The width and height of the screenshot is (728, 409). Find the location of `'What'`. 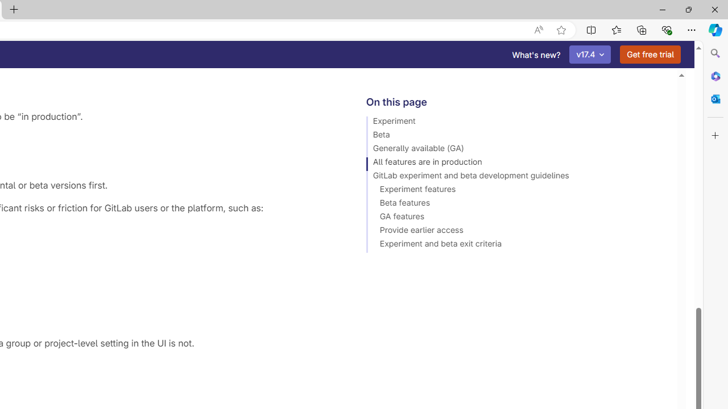

'What' is located at coordinates (536, 55).